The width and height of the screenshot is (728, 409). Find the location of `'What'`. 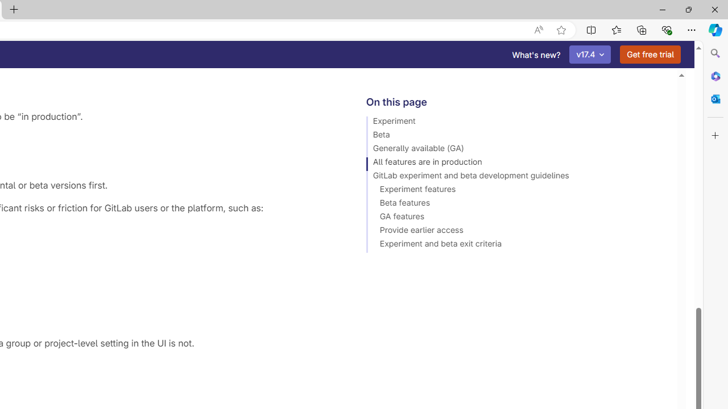

'What' is located at coordinates (536, 55).